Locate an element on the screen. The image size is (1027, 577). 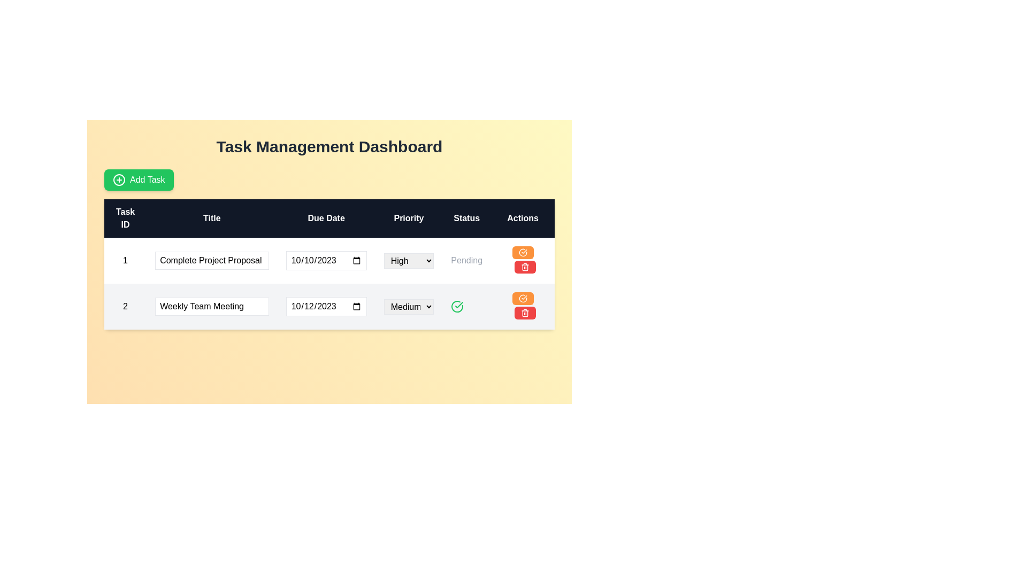
the Dropdown menu in the 'Priority' column of the first row within the task table is located at coordinates (408, 261).